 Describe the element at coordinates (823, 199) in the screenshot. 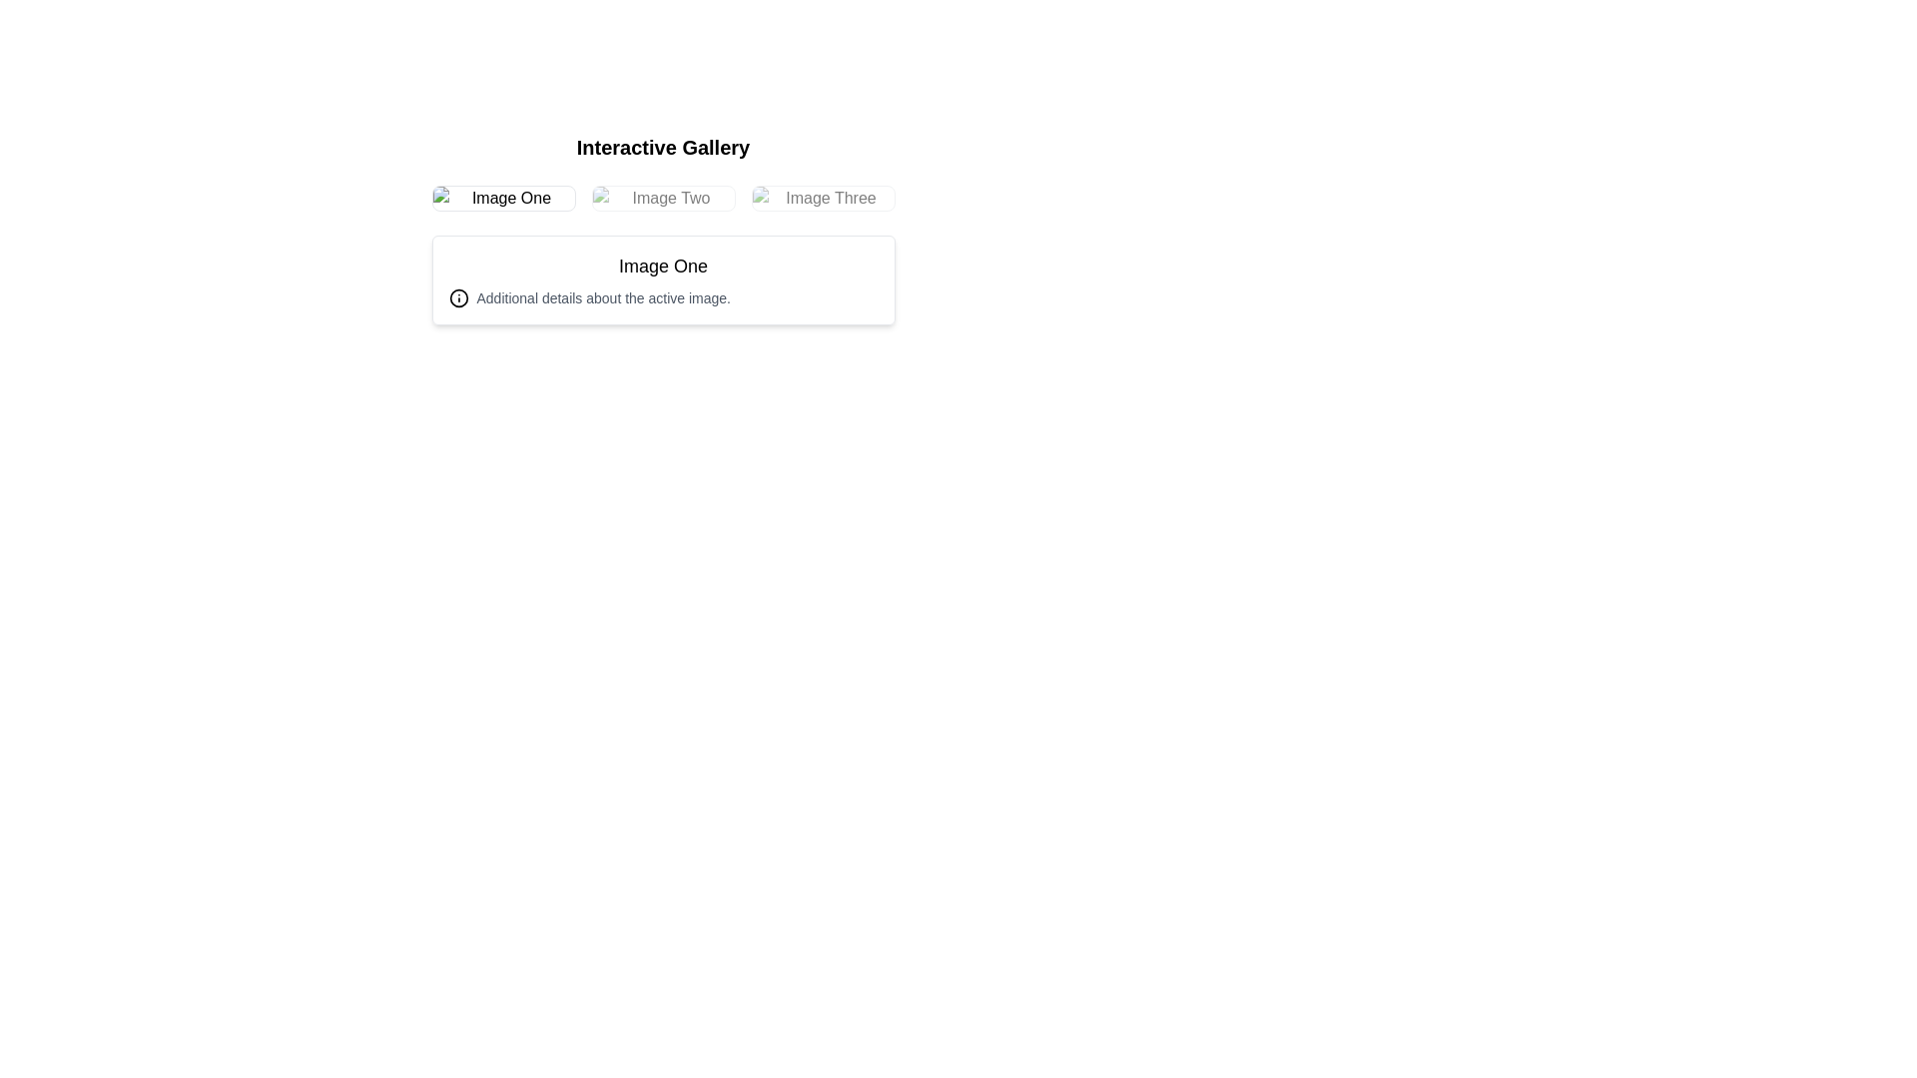

I see `the selectable thumbnail image in the interactive gallery to change its opacity` at that location.